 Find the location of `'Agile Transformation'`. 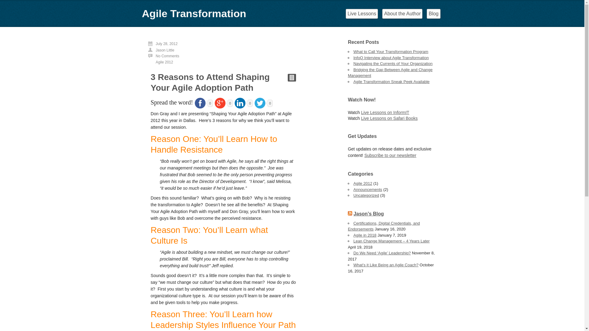

'Agile Transformation' is located at coordinates (194, 13).